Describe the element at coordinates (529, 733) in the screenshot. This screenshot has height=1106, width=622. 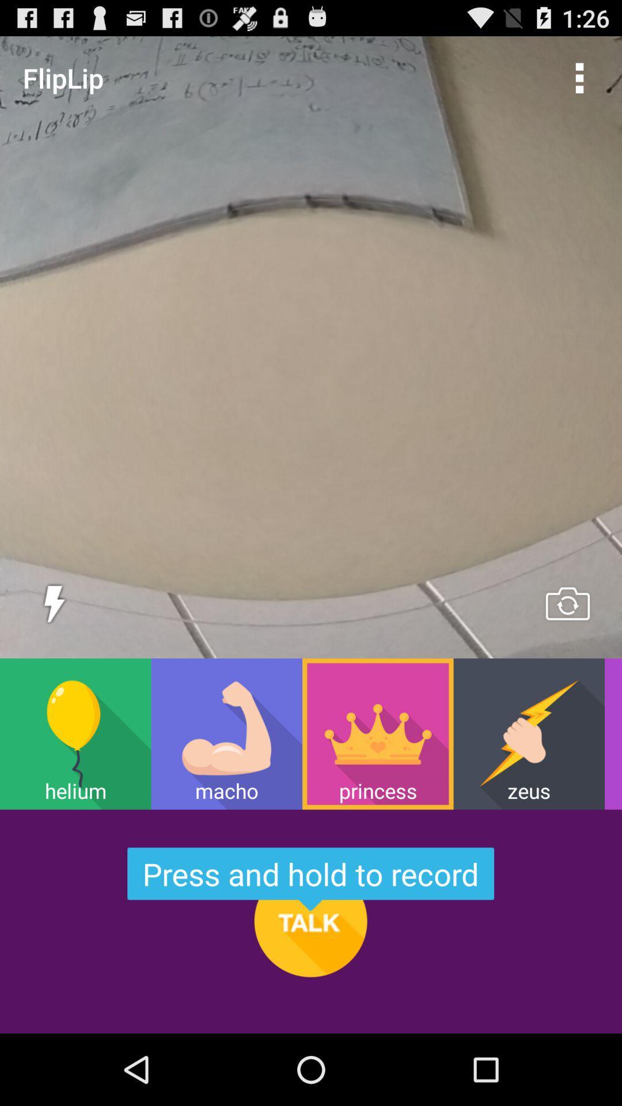
I see `the icon to the right of the princess` at that location.